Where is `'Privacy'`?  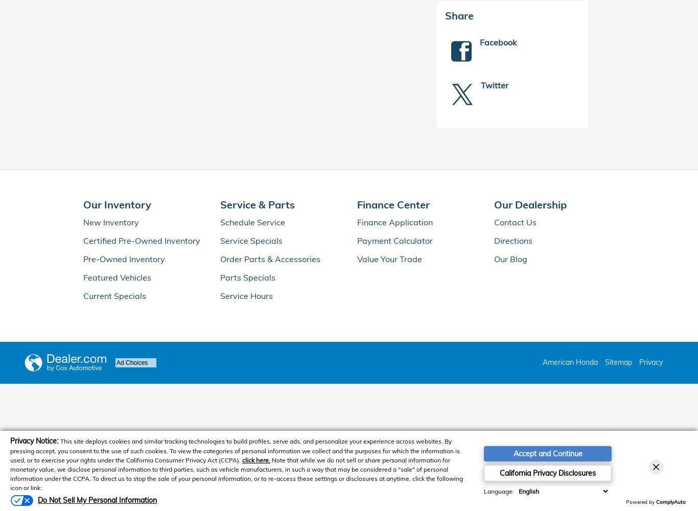
'Privacy' is located at coordinates (639, 362).